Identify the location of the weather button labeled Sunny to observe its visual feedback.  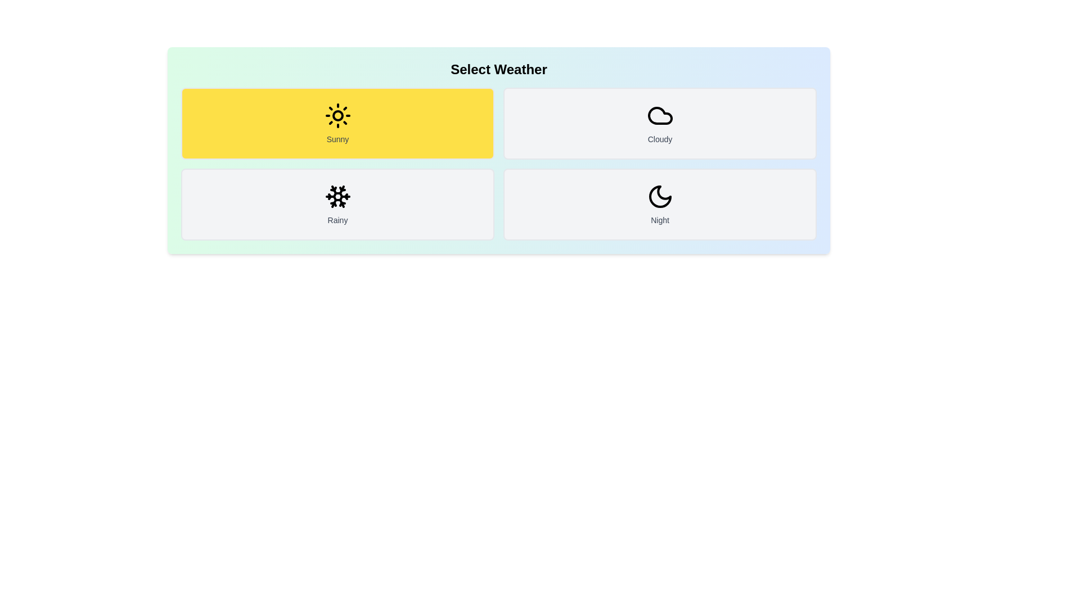
(337, 123).